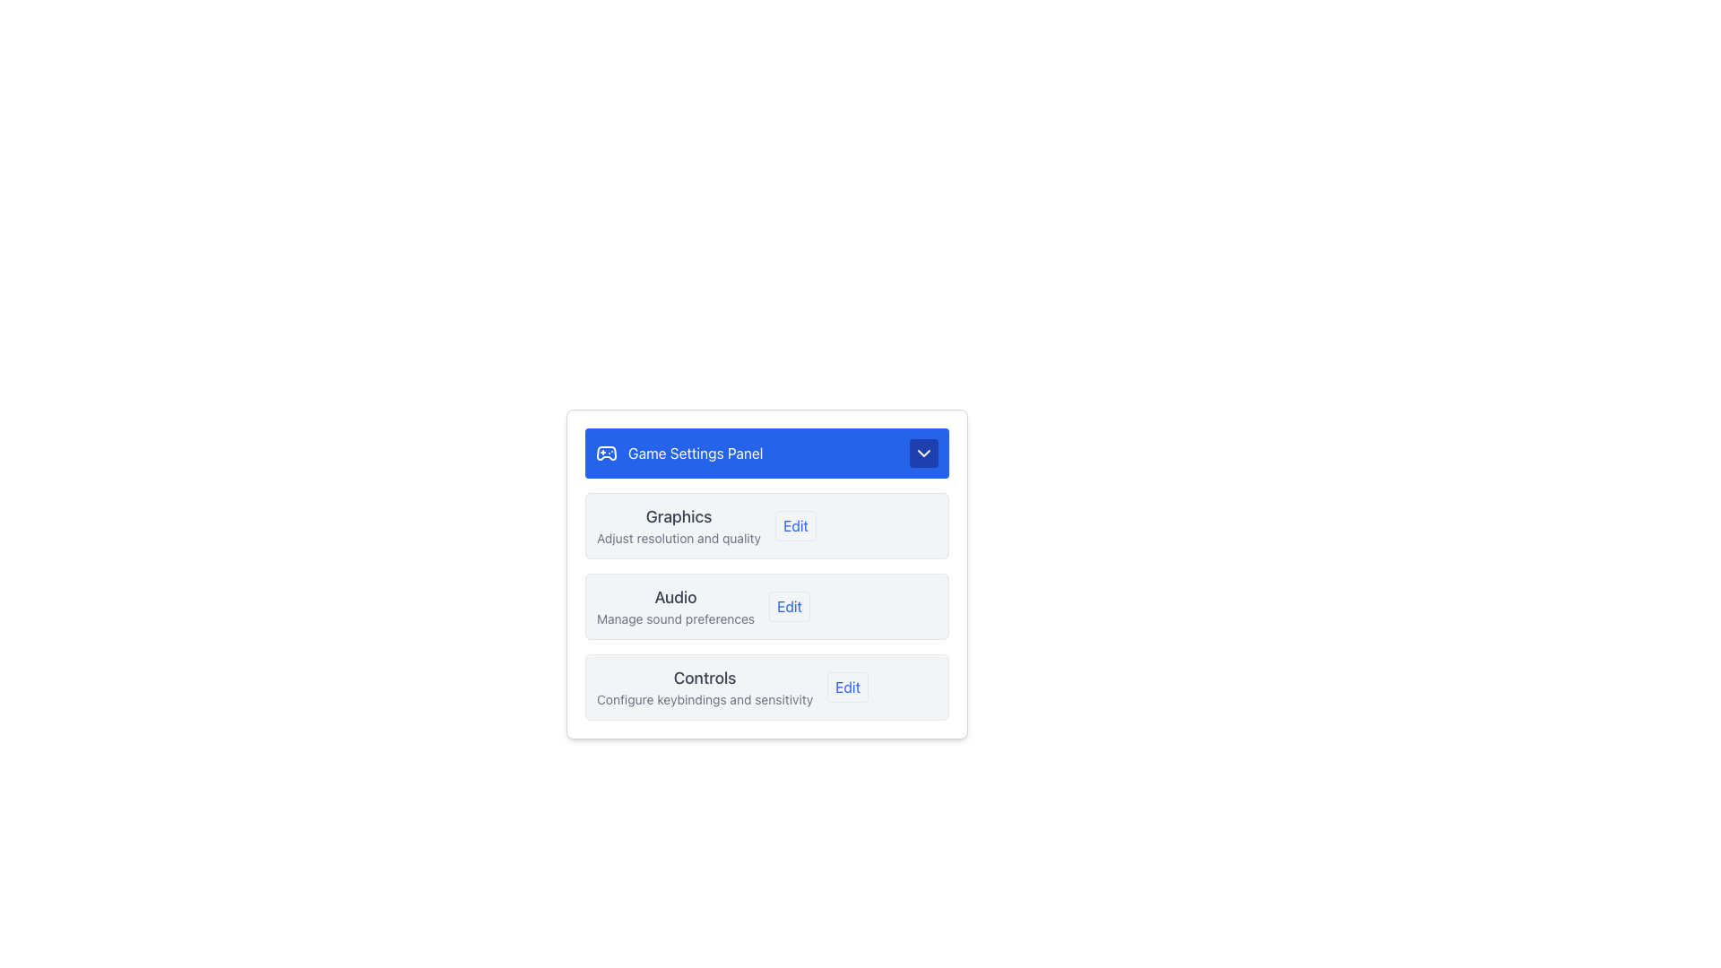  Describe the element at coordinates (789, 606) in the screenshot. I see `the 'Edit' button with blue text and a transparent background located to the right of the subtitle 'Manage sound preferences' within the 'Audio' card` at that location.